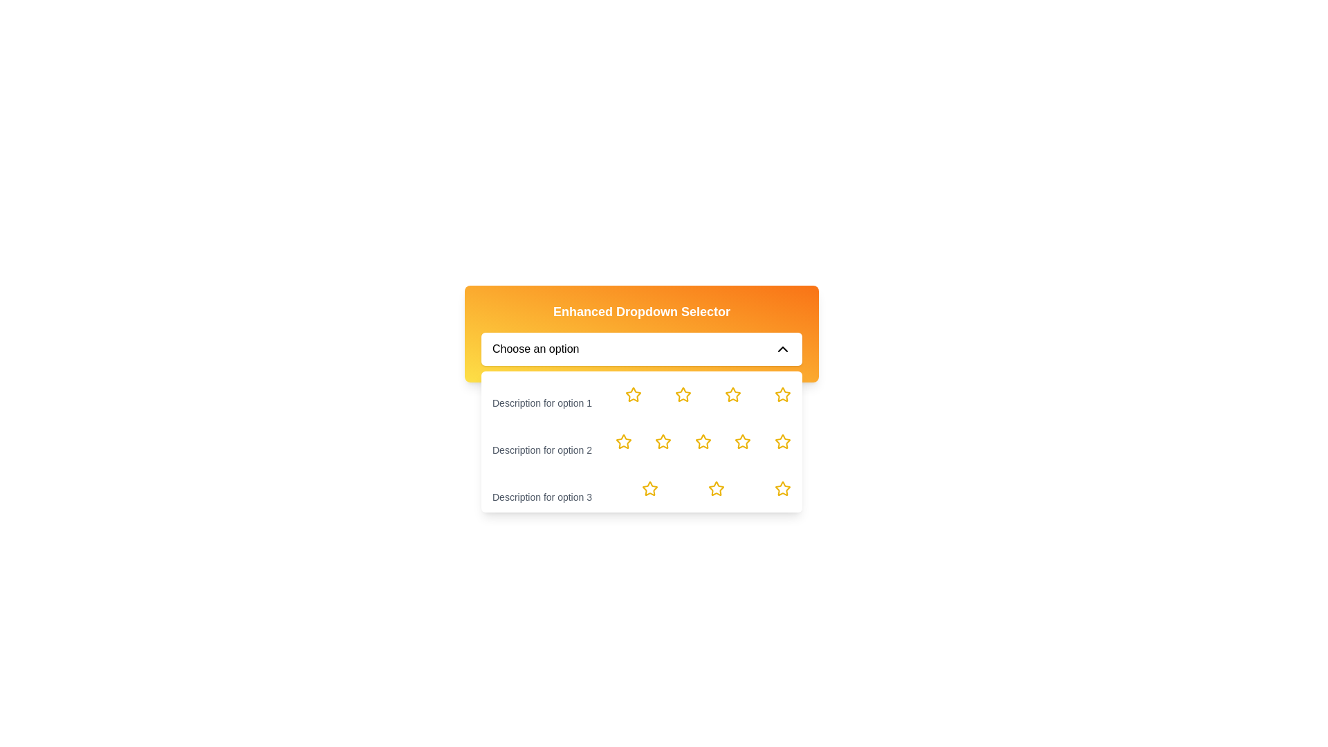 Image resolution: width=1328 pixels, height=747 pixels. Describe the element at coordinates (683, 394) in the screenshot. I see `the second yellow star-shaped icon with a hollow center located in the 'Option 1' section` at that location.